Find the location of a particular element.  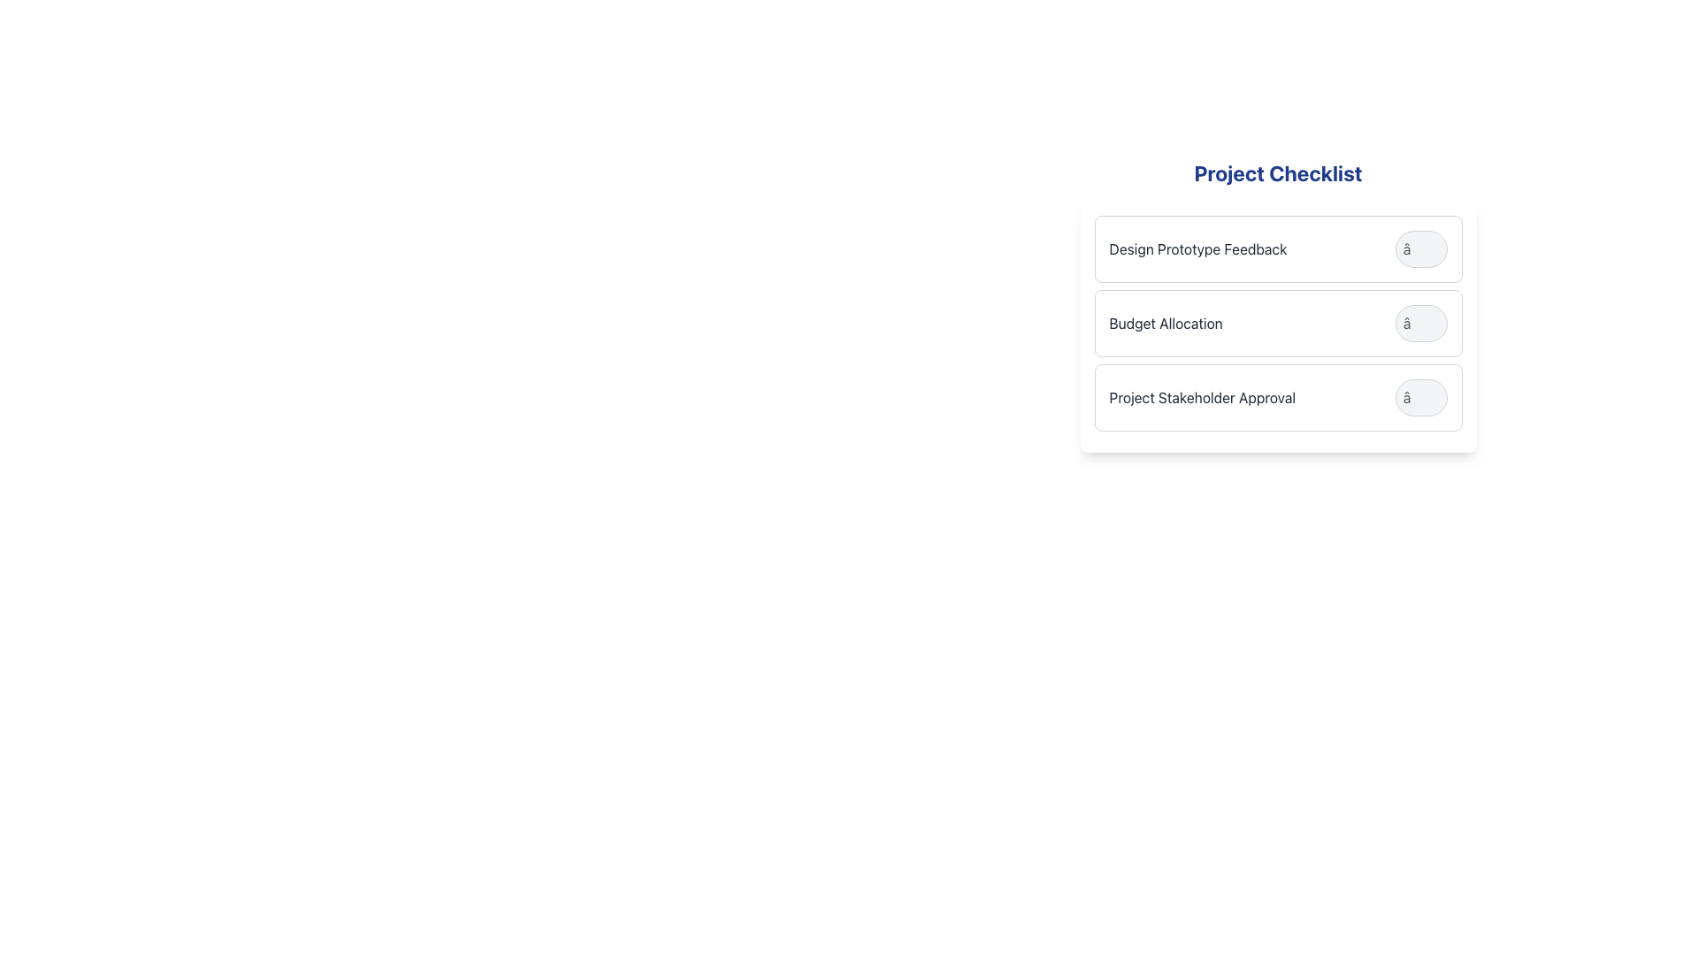

the 'Project Checklist' text label, which is a bold, blue header located at the top of the checklist section is located at coordinates (1278, 173).